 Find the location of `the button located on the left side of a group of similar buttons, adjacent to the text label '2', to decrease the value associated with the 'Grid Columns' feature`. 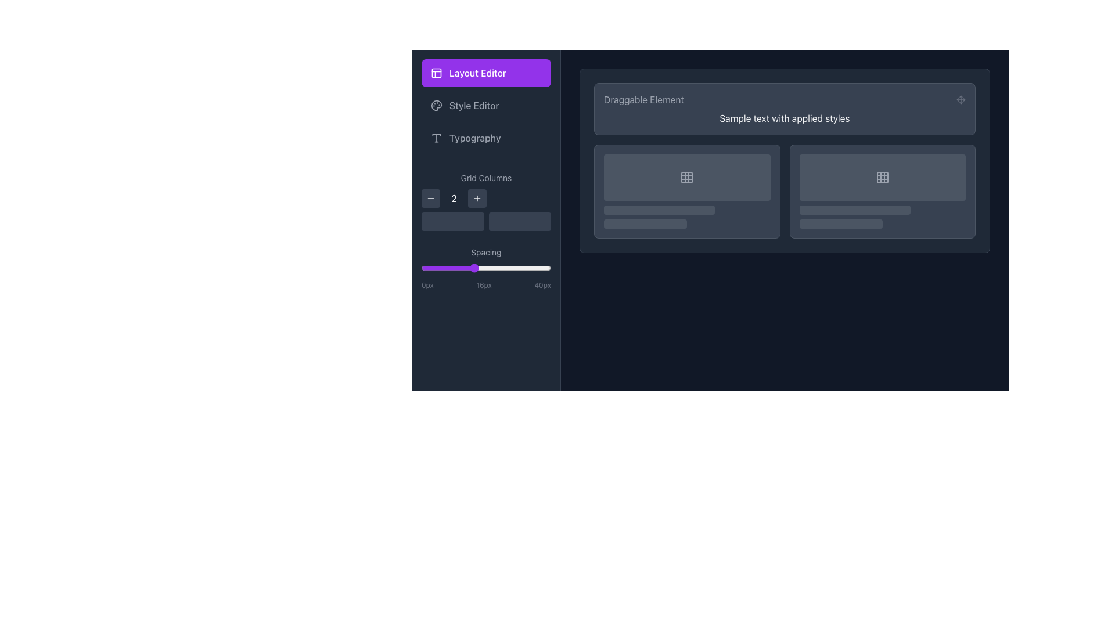

the button located on the left side of a group of similar buttons, adjacent to the text label '2', to decrease the value associated with the 'Grid Columns' feature is located at coordinates (430, 198).